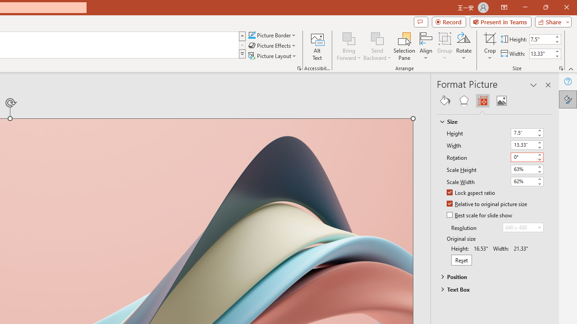 This screenshot has width=577, height=324. I want to click on 'Lock aspect ratio', so click(471, 193).